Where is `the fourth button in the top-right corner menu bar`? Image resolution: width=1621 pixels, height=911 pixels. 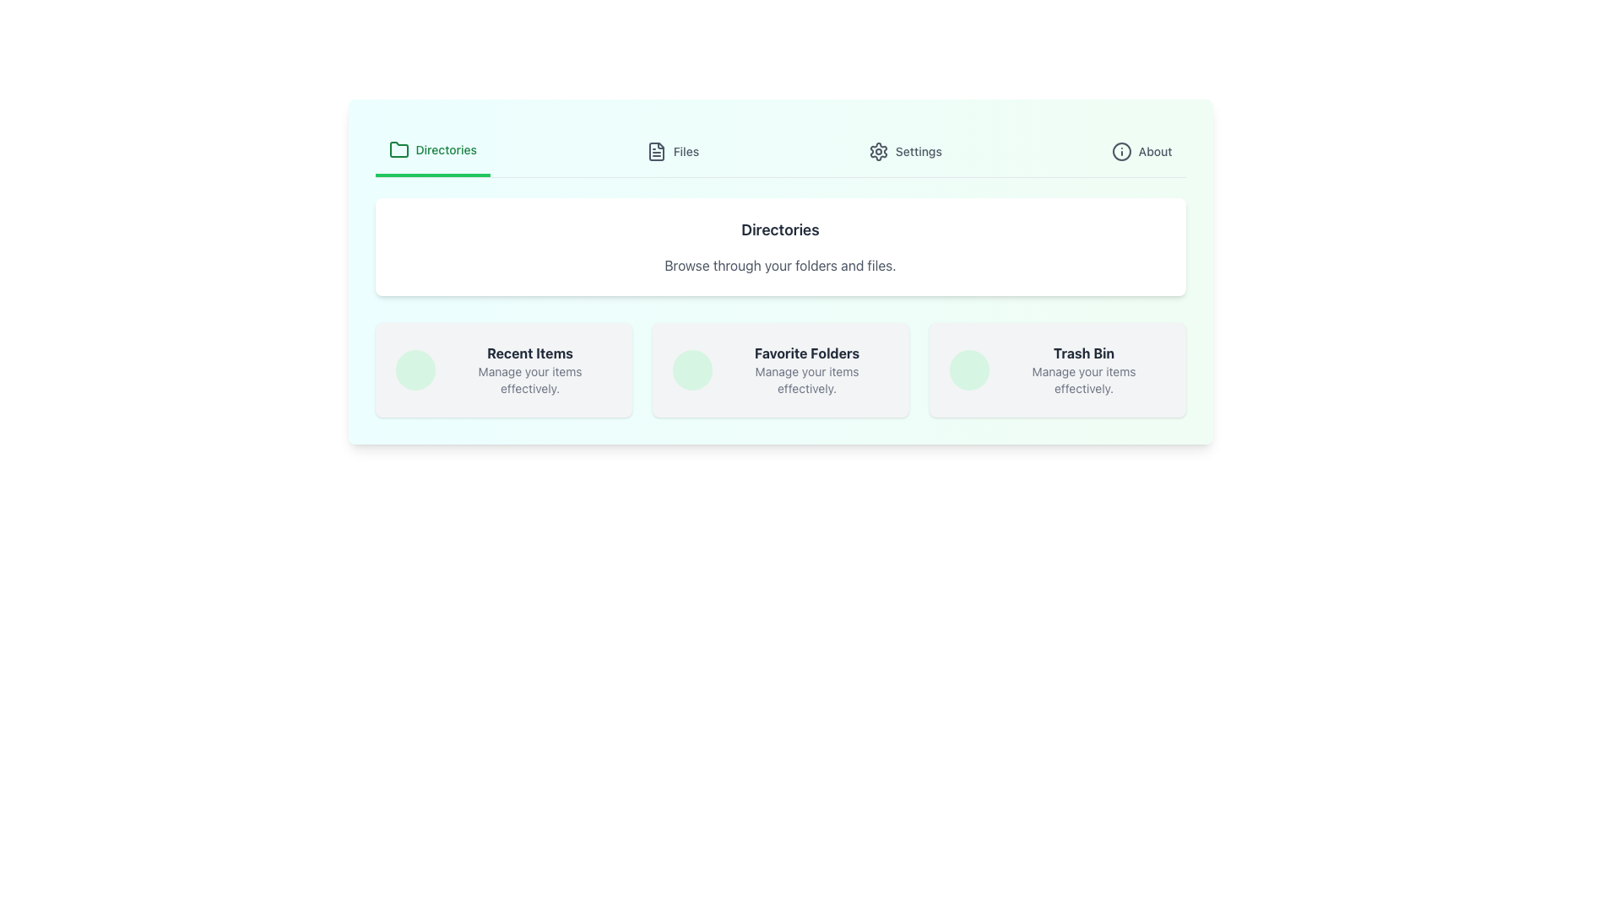
the fourth button in the top-right corner menu bar is located at coordinates (1141, 152).